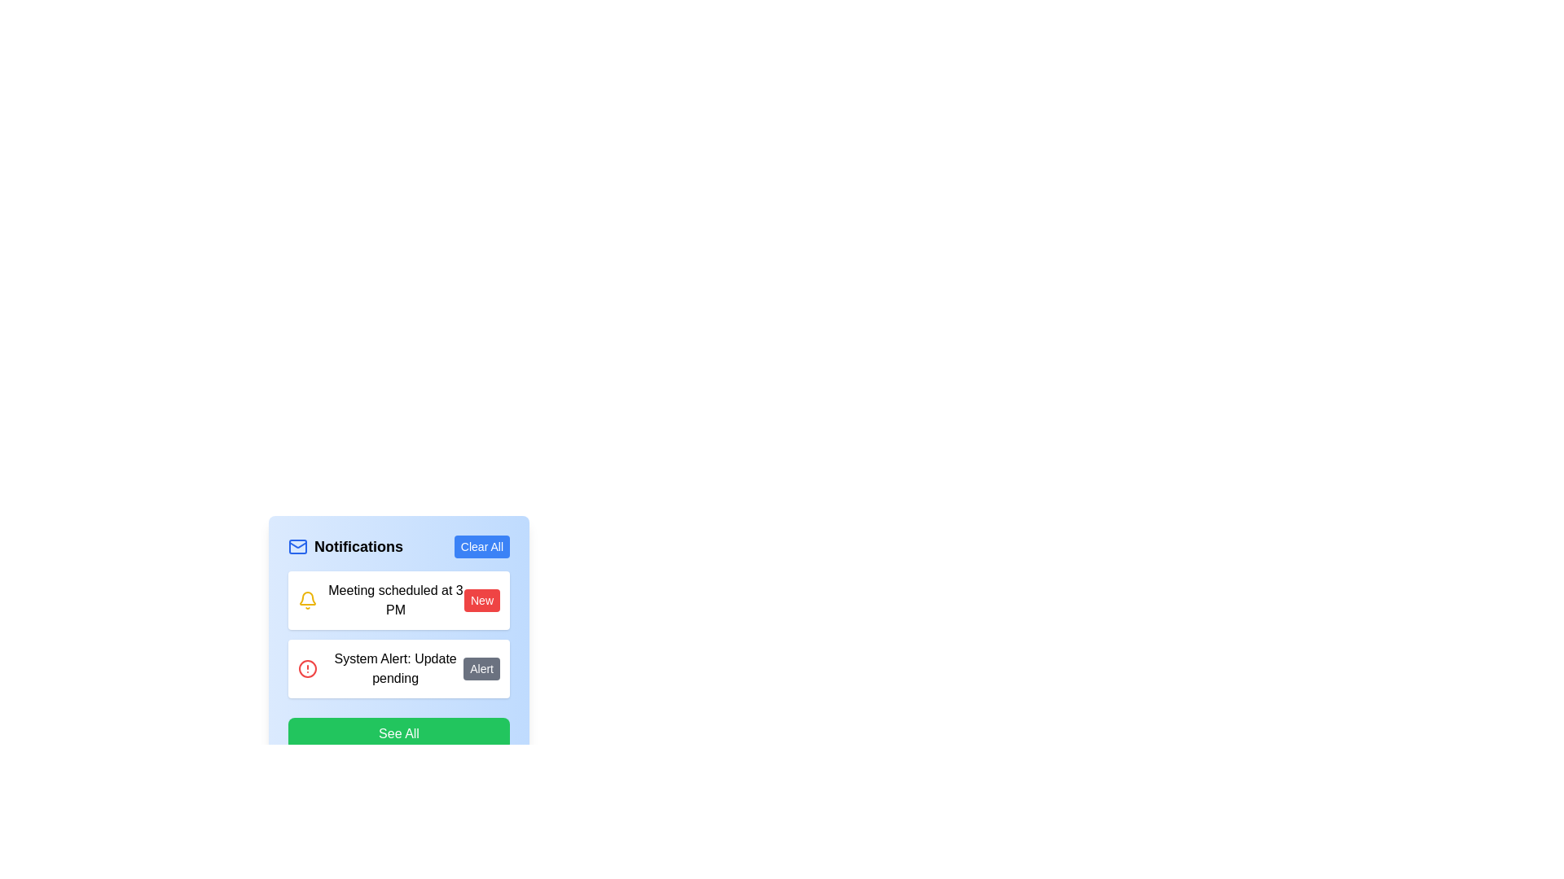  What do you see at coordinates (308, 598) in the screenshot?
I see `the upper outline of the bell-shaped SVG icon with a yellow stroke color to explore the context menu` at bounding box center [308, 598].